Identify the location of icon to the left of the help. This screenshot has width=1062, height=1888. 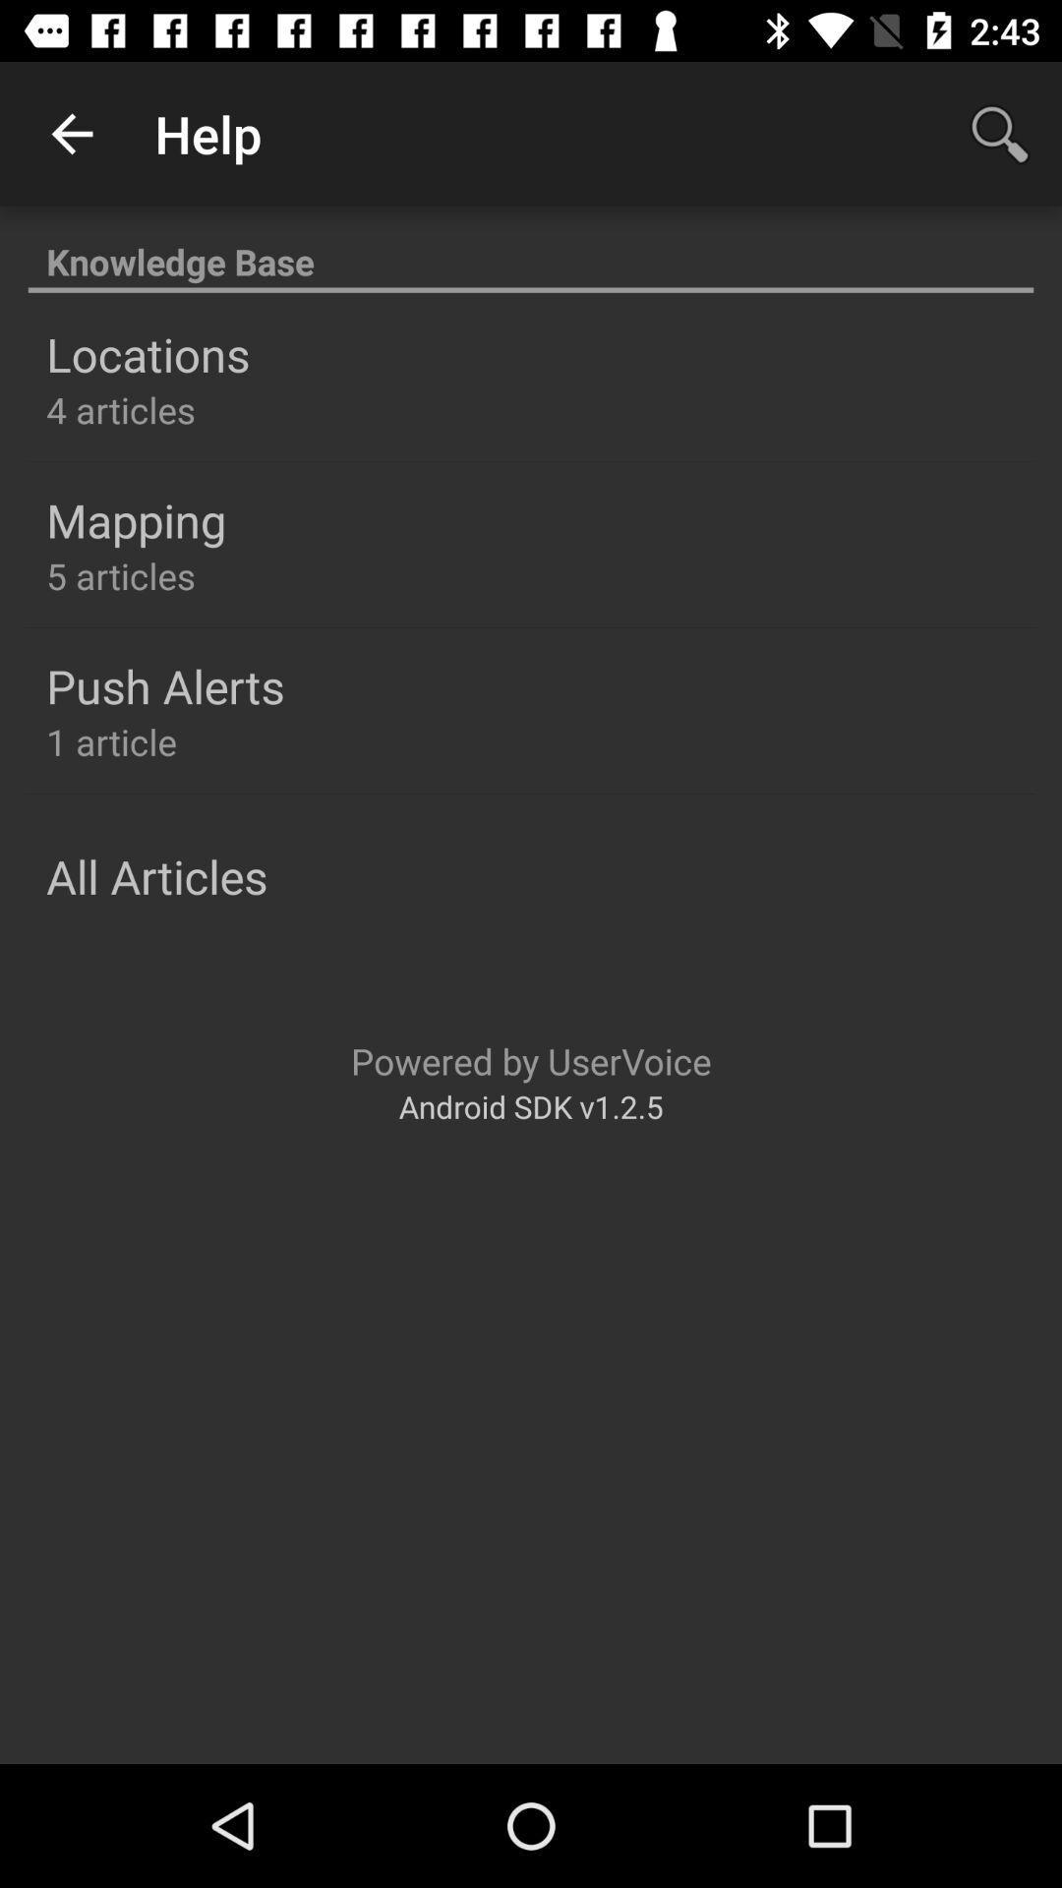
(71, 133).